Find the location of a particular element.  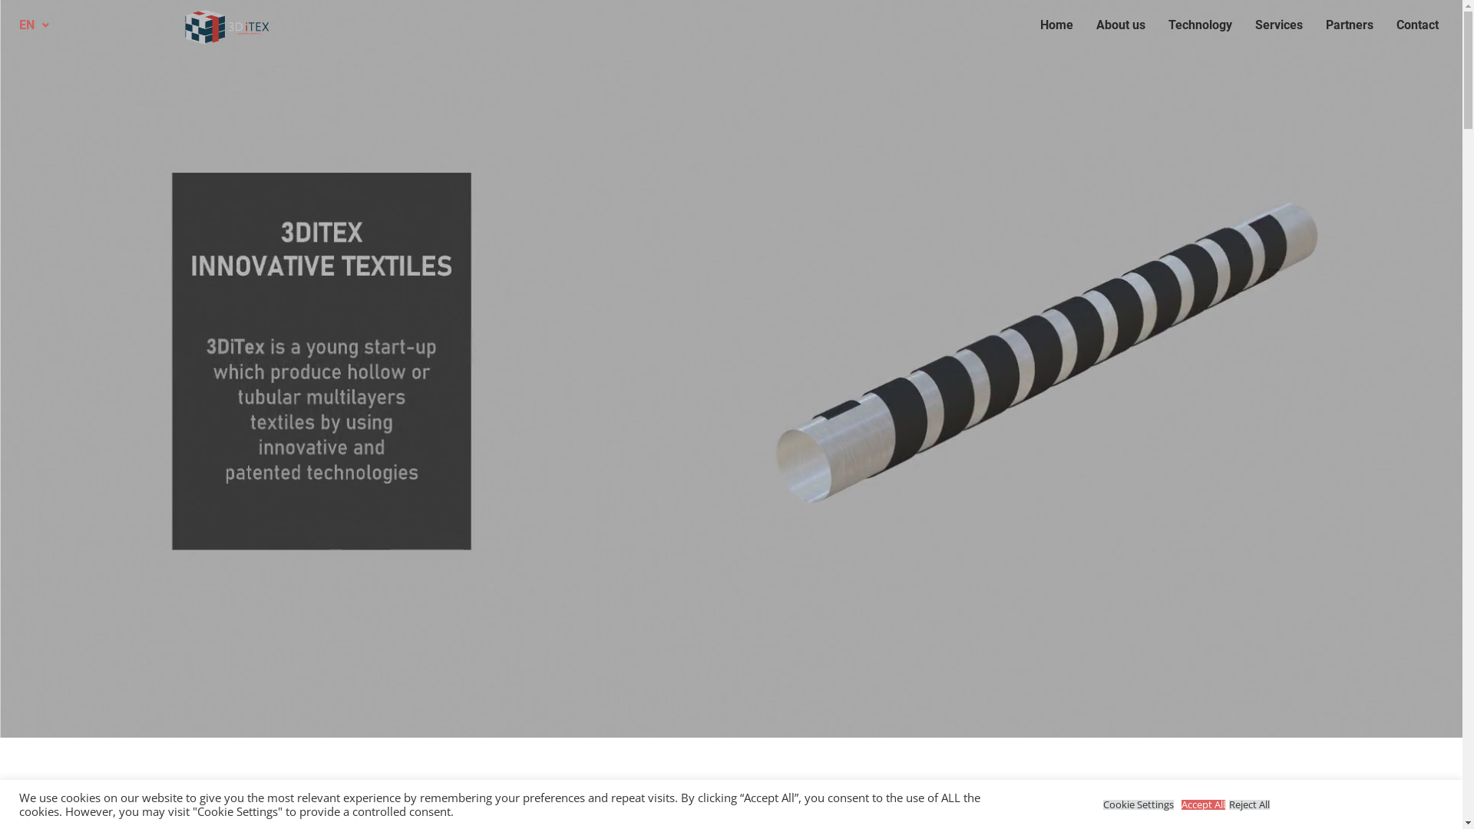

'Cookie Settings' is located at coordinates (1139, 804).